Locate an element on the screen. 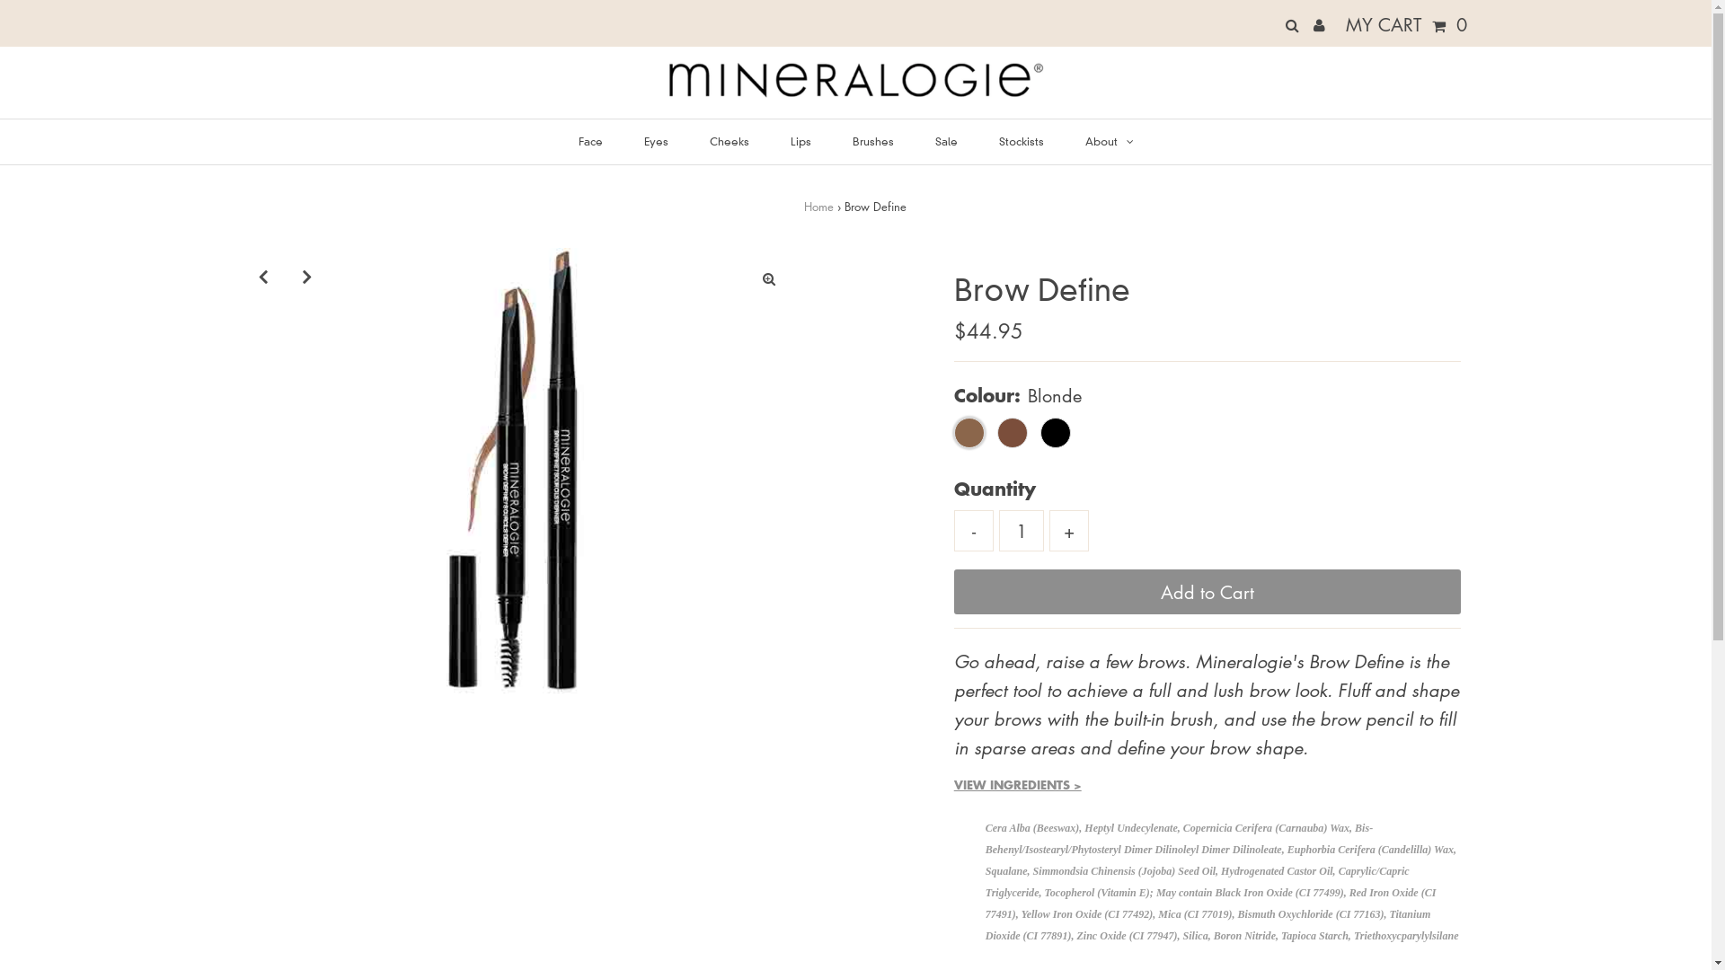  '+' is located at coordinates (1069, 529).